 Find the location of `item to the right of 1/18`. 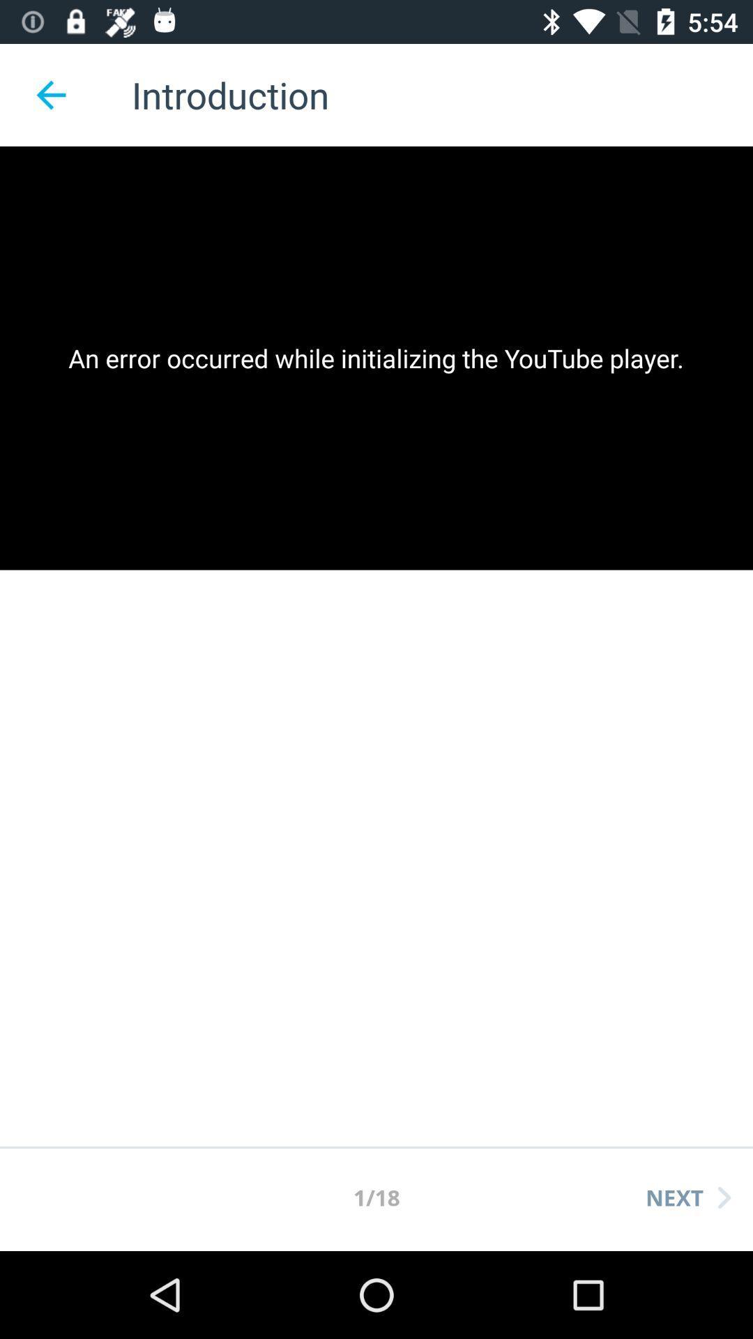

item to the right of 1/18 is located at coordinates (687, 1197).